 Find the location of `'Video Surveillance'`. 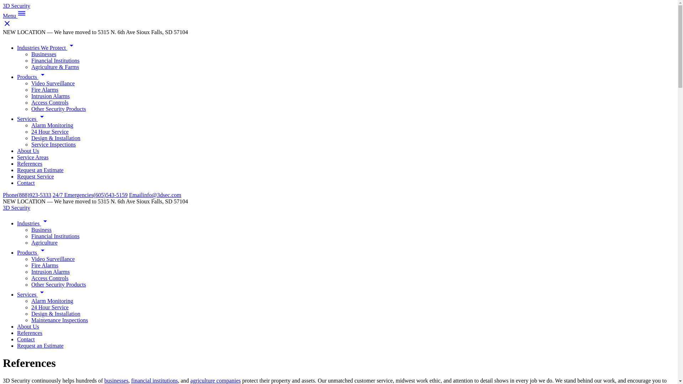

'Video Surveillance' is located at coordinates (52, 259).